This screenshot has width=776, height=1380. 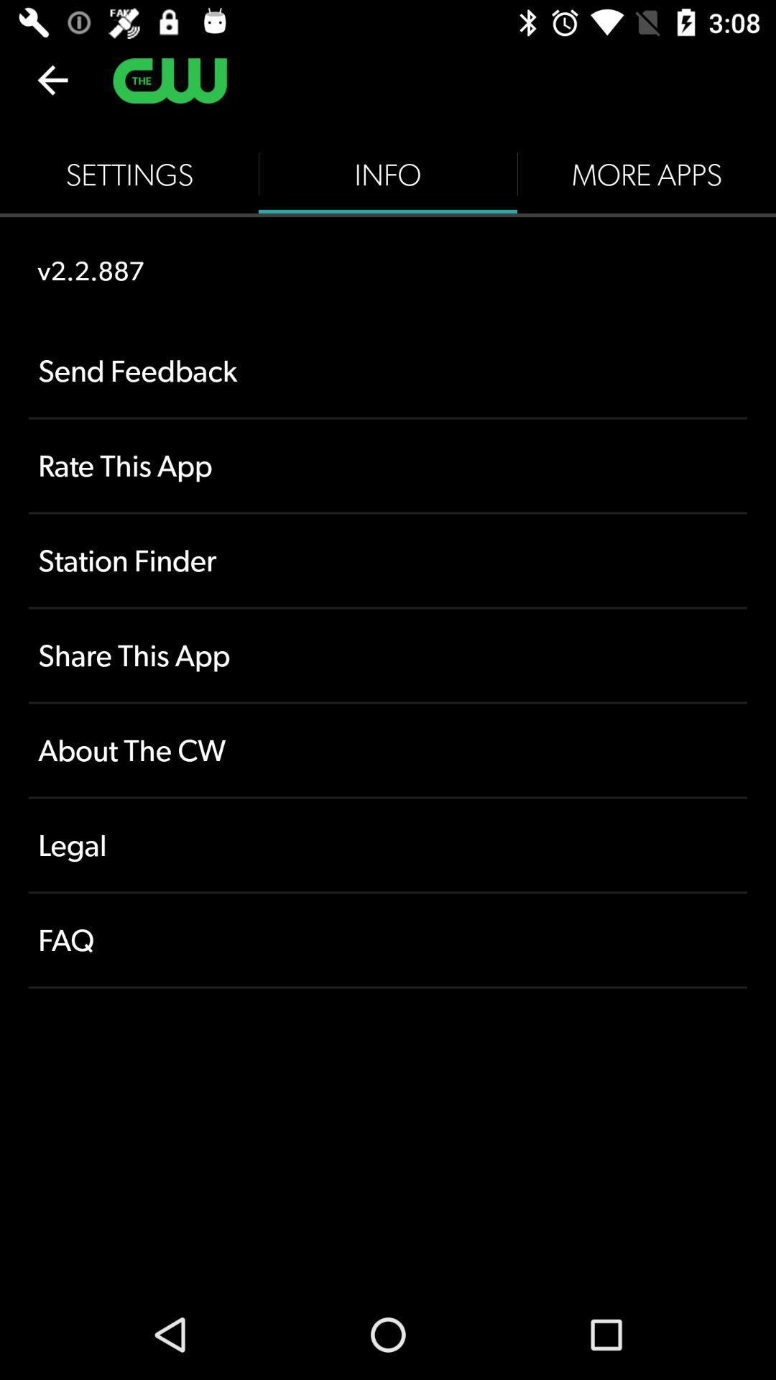 I want to click on send feedback item, so click(x=388, y=371).